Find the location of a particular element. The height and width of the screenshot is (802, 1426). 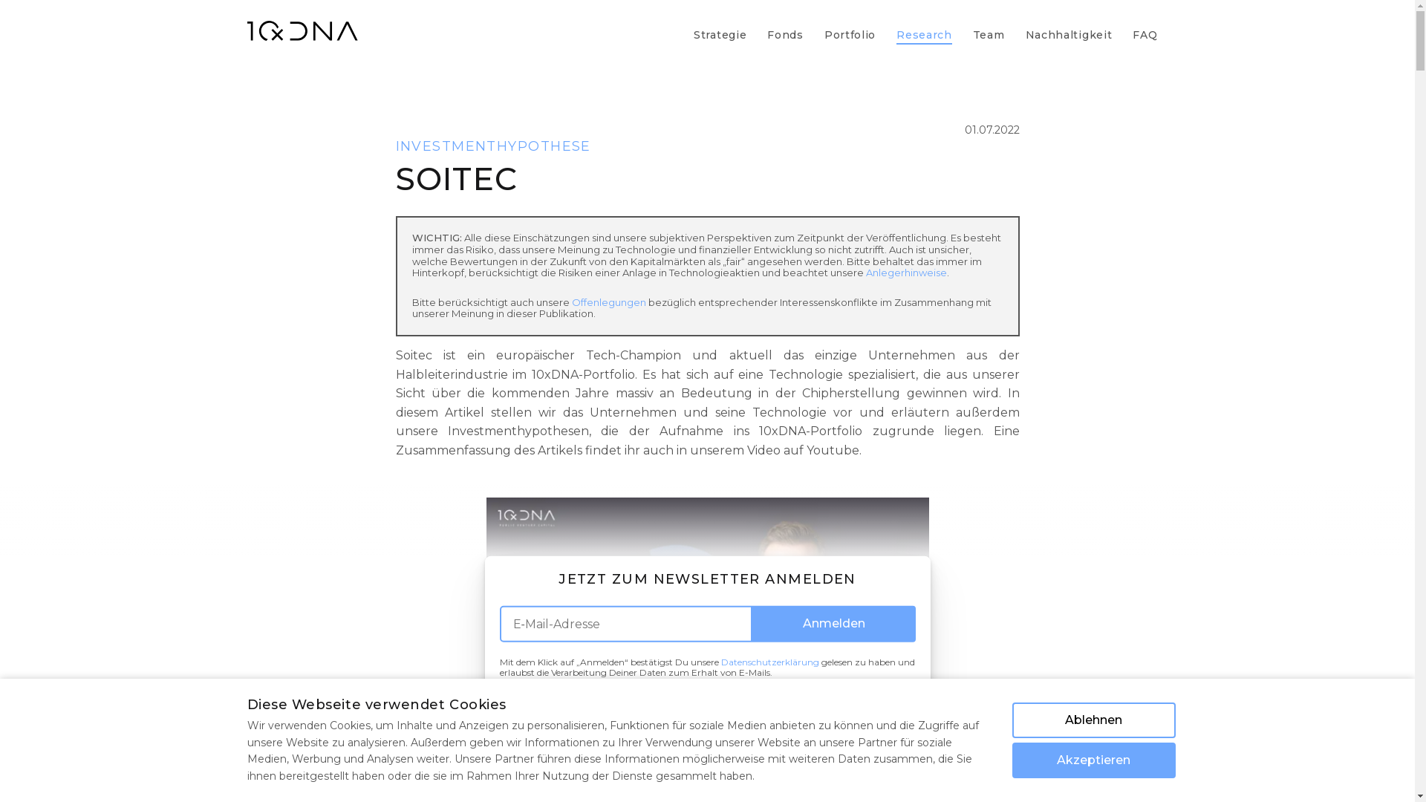

'Team' is located at coordinates (963, 25).